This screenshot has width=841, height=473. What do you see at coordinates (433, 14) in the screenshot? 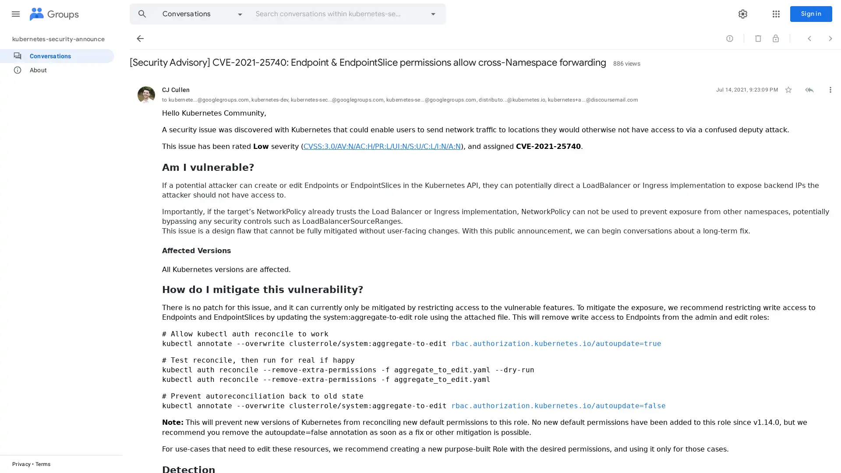
I see `Advanced search` at bounding box center [433, 14].